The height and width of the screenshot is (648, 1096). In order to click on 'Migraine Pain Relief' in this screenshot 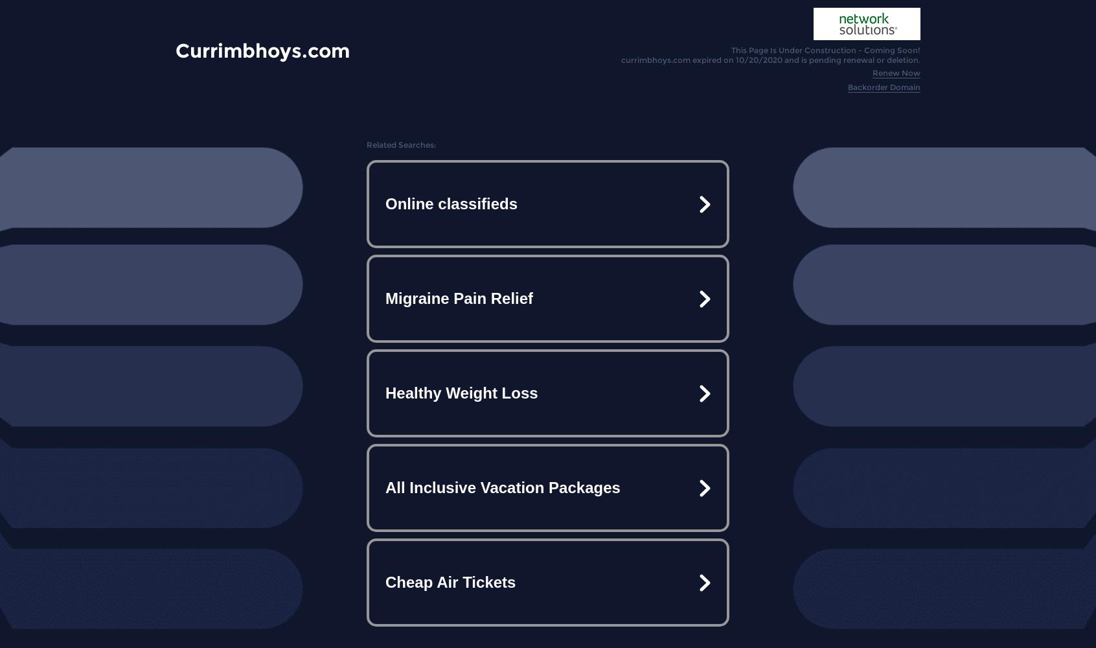, I will do `click(385, 297)`.